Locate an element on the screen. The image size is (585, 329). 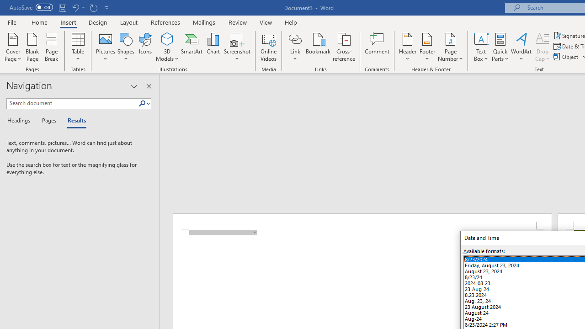
'Link' is located at coordinates (295, 38).